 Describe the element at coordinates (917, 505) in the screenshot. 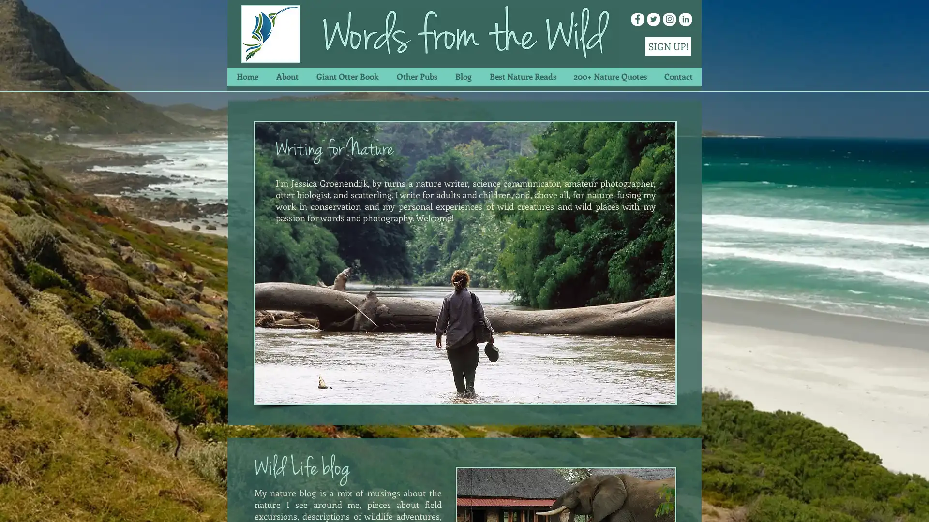

I see `Close` at that location.